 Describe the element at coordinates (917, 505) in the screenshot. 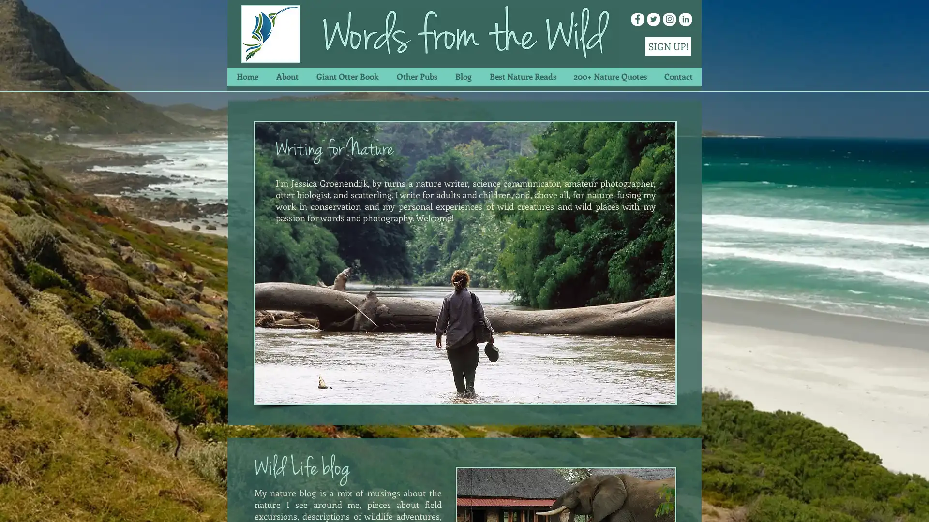

I see `Close` at that location.